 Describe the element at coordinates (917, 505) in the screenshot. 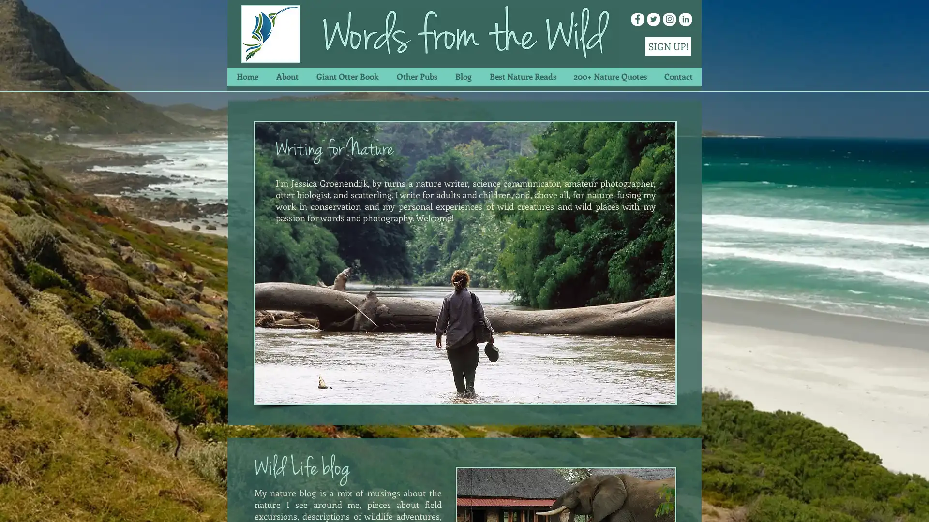

I see `Close` at that location.